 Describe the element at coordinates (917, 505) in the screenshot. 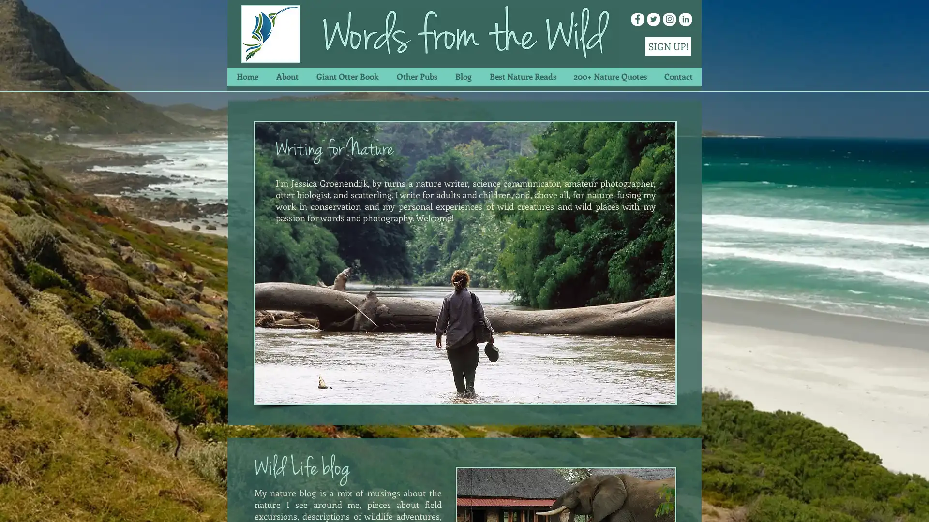

I see `Close` at that location.